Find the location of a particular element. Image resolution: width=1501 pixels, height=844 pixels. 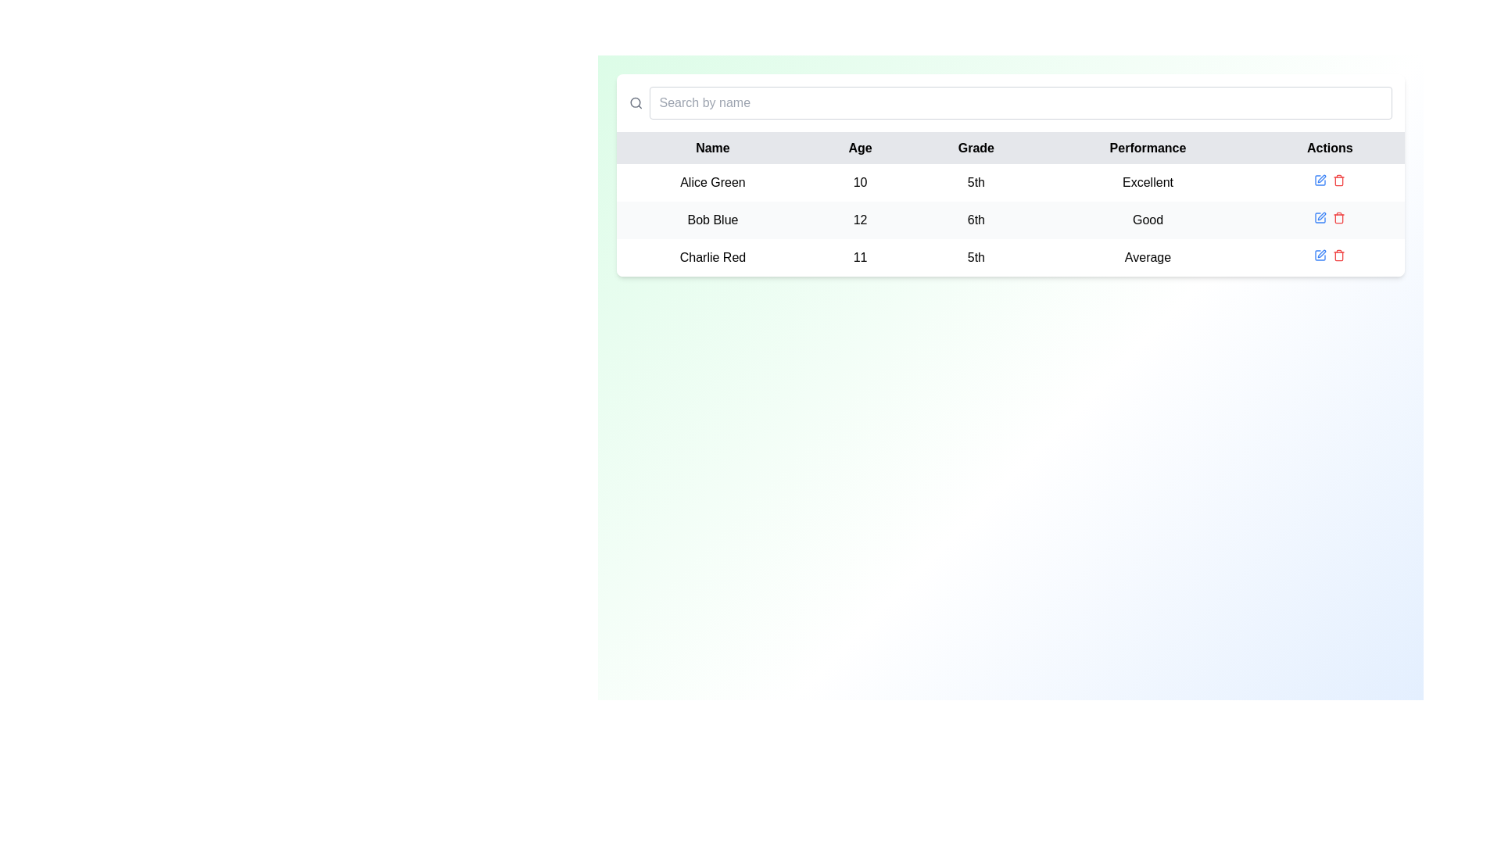

the delete button located in the rightmost part of the 'Actions' column of the table, specifically aligned with the 'Alice Green' row is located at coordinates (1338, 180).